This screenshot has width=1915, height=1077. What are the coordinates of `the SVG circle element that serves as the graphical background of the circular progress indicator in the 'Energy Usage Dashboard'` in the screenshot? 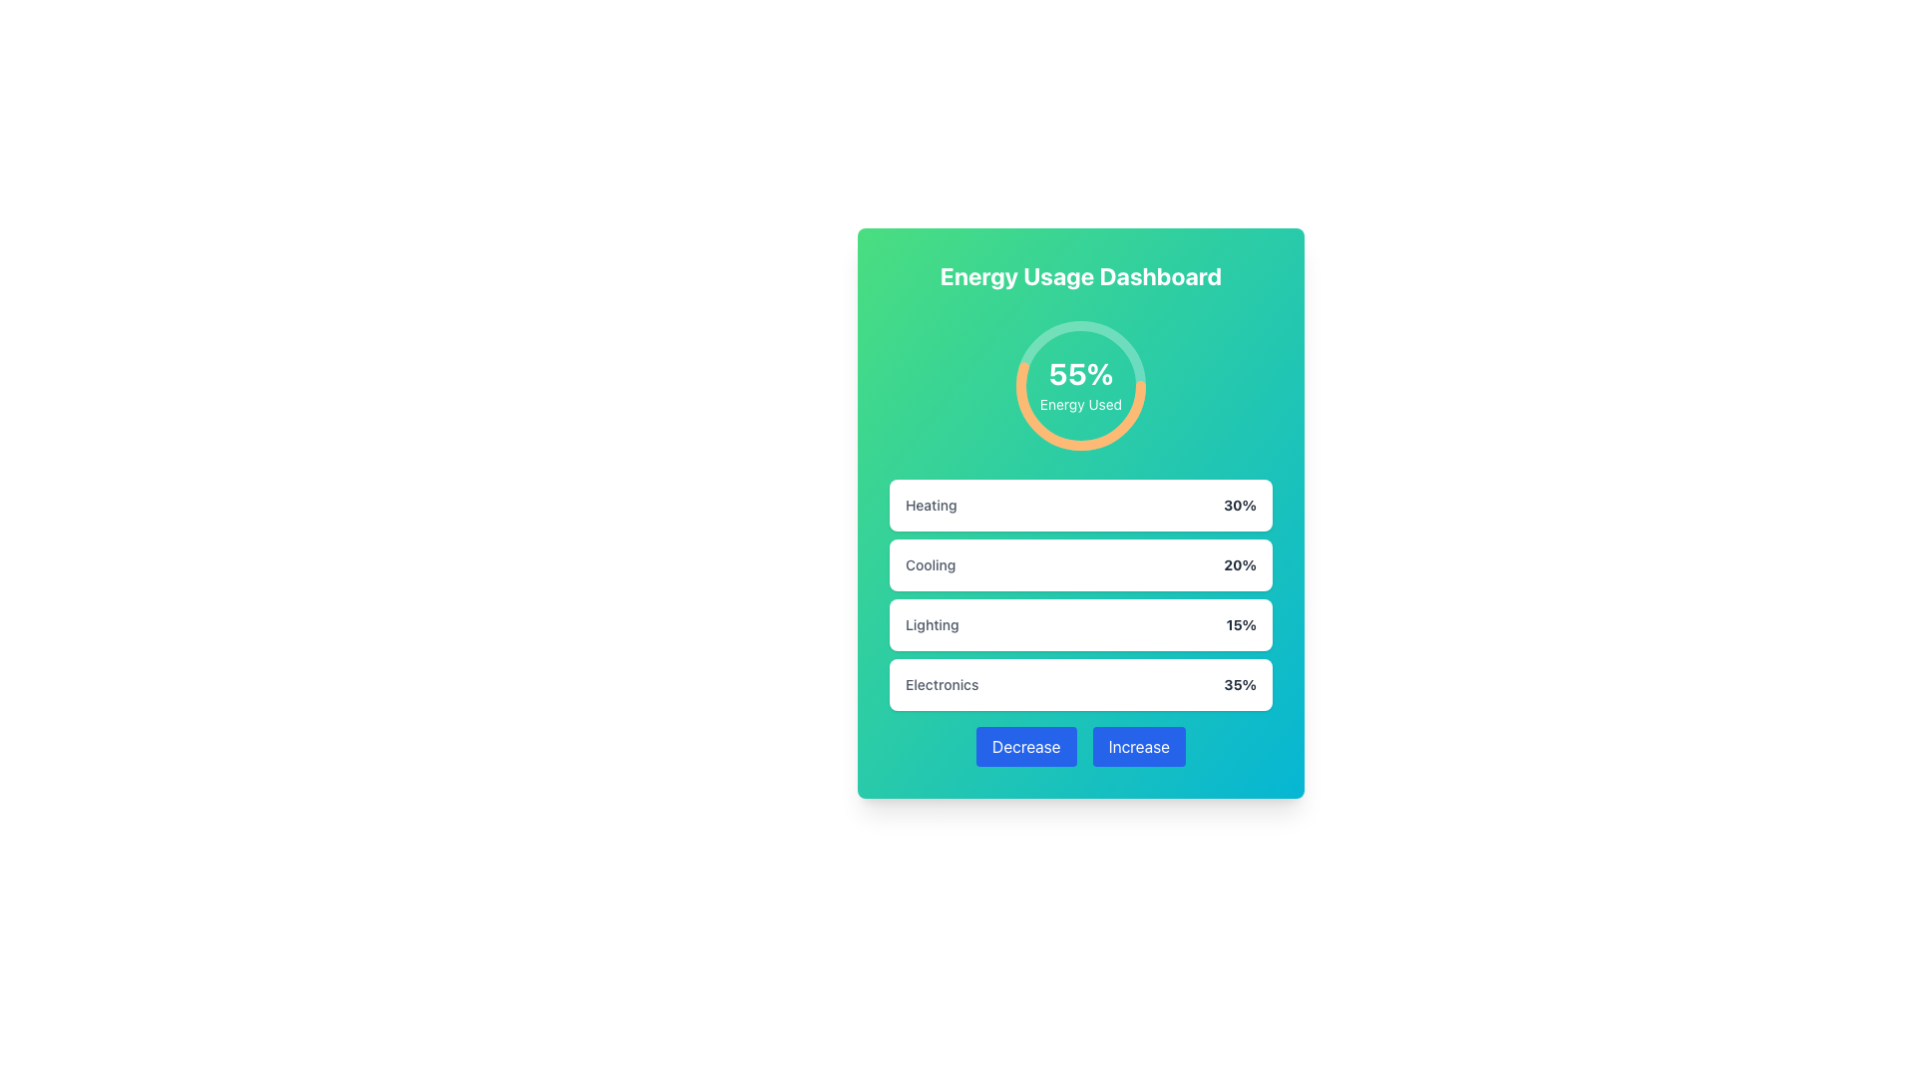 It's located at (1080, 385).